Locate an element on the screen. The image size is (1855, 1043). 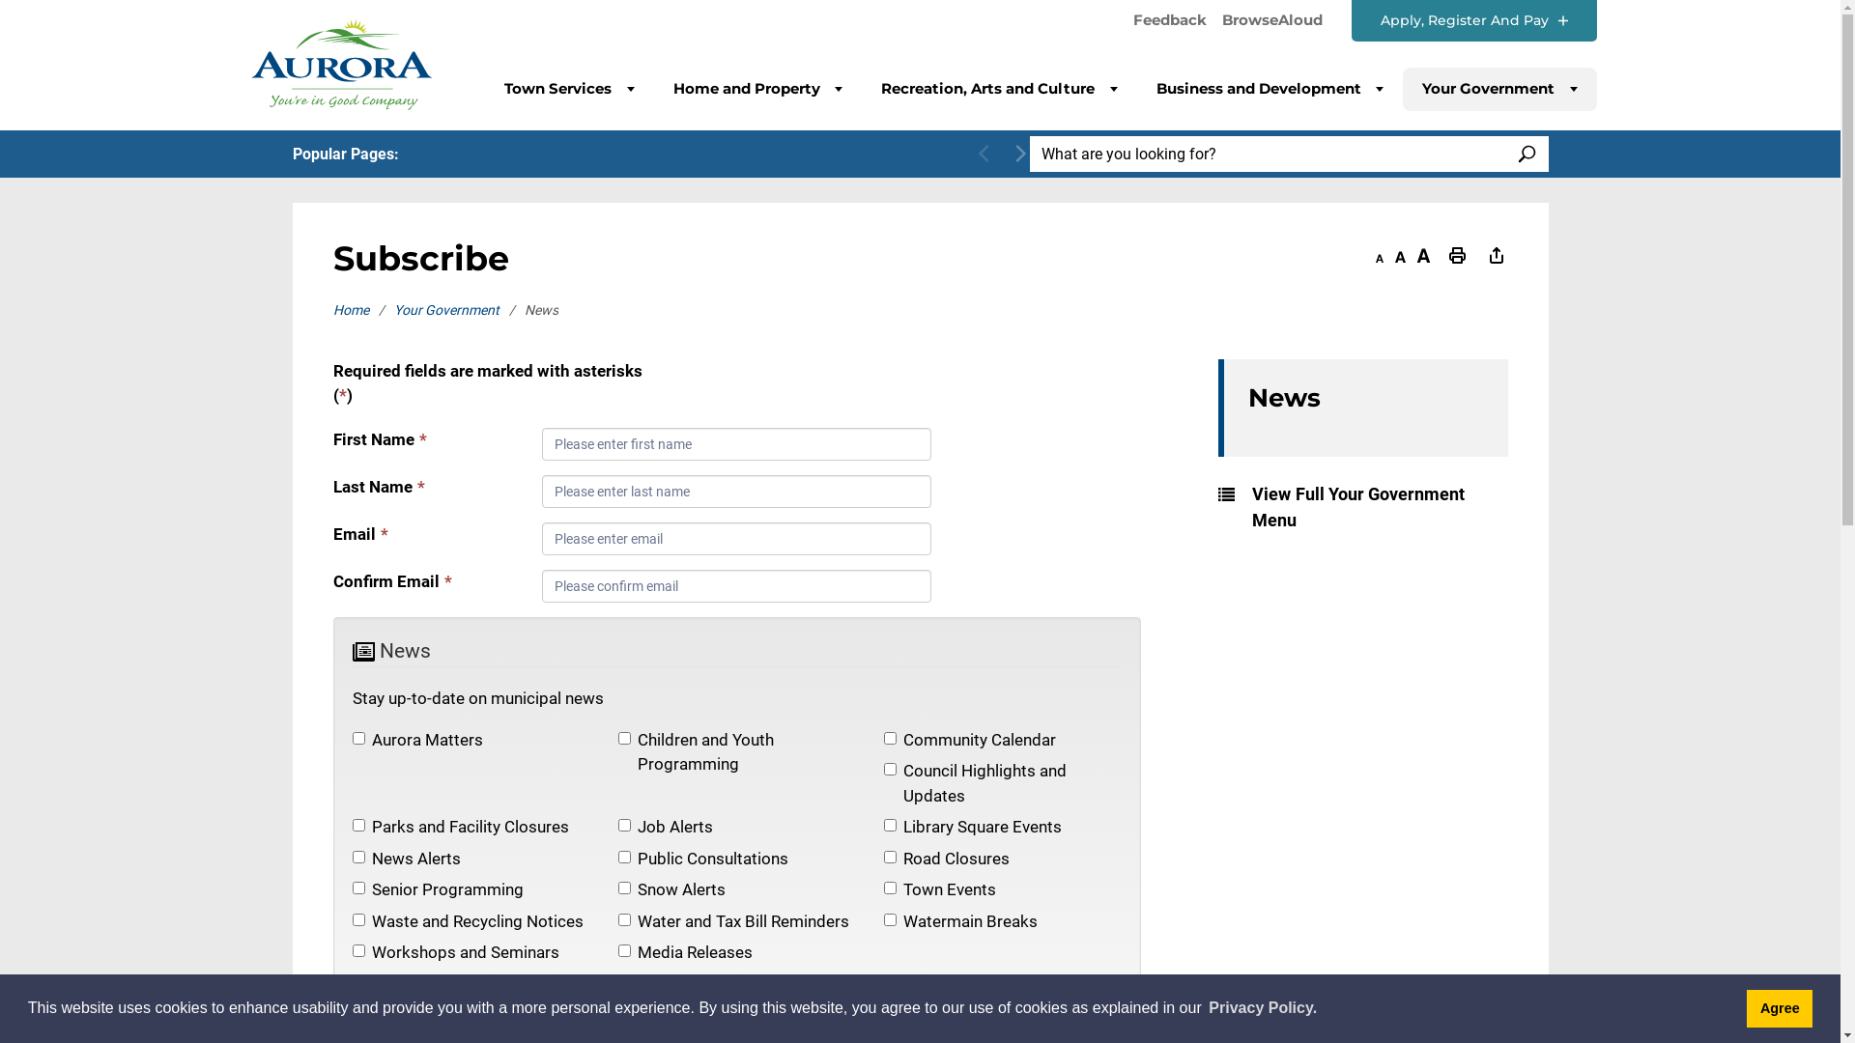
'Home' is located at coordinates (362, 308).